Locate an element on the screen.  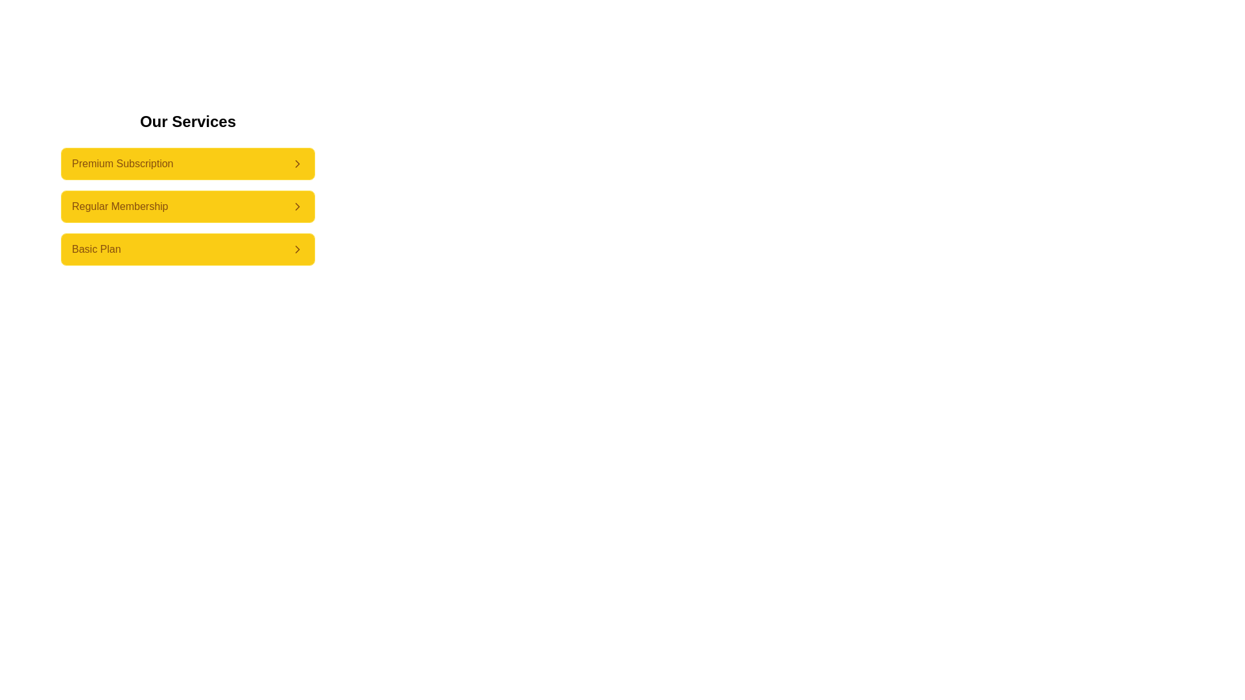
the first button labeled 'Premium Subscription' with a yellow background is located at coordinates (187, 163).